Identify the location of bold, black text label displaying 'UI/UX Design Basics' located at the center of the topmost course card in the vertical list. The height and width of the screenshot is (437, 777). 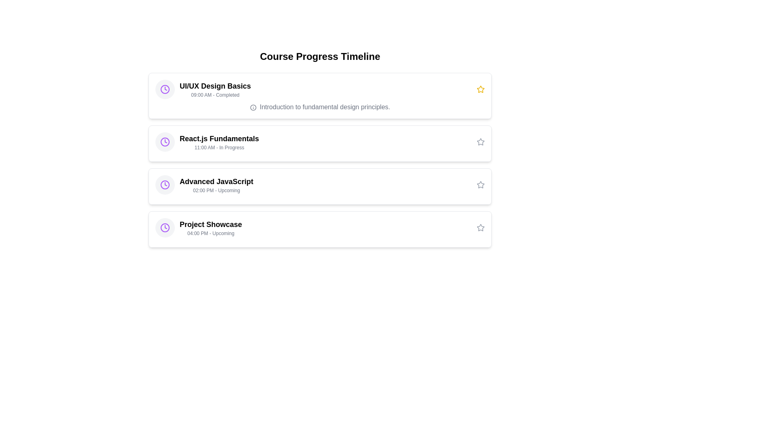
(215, 86).